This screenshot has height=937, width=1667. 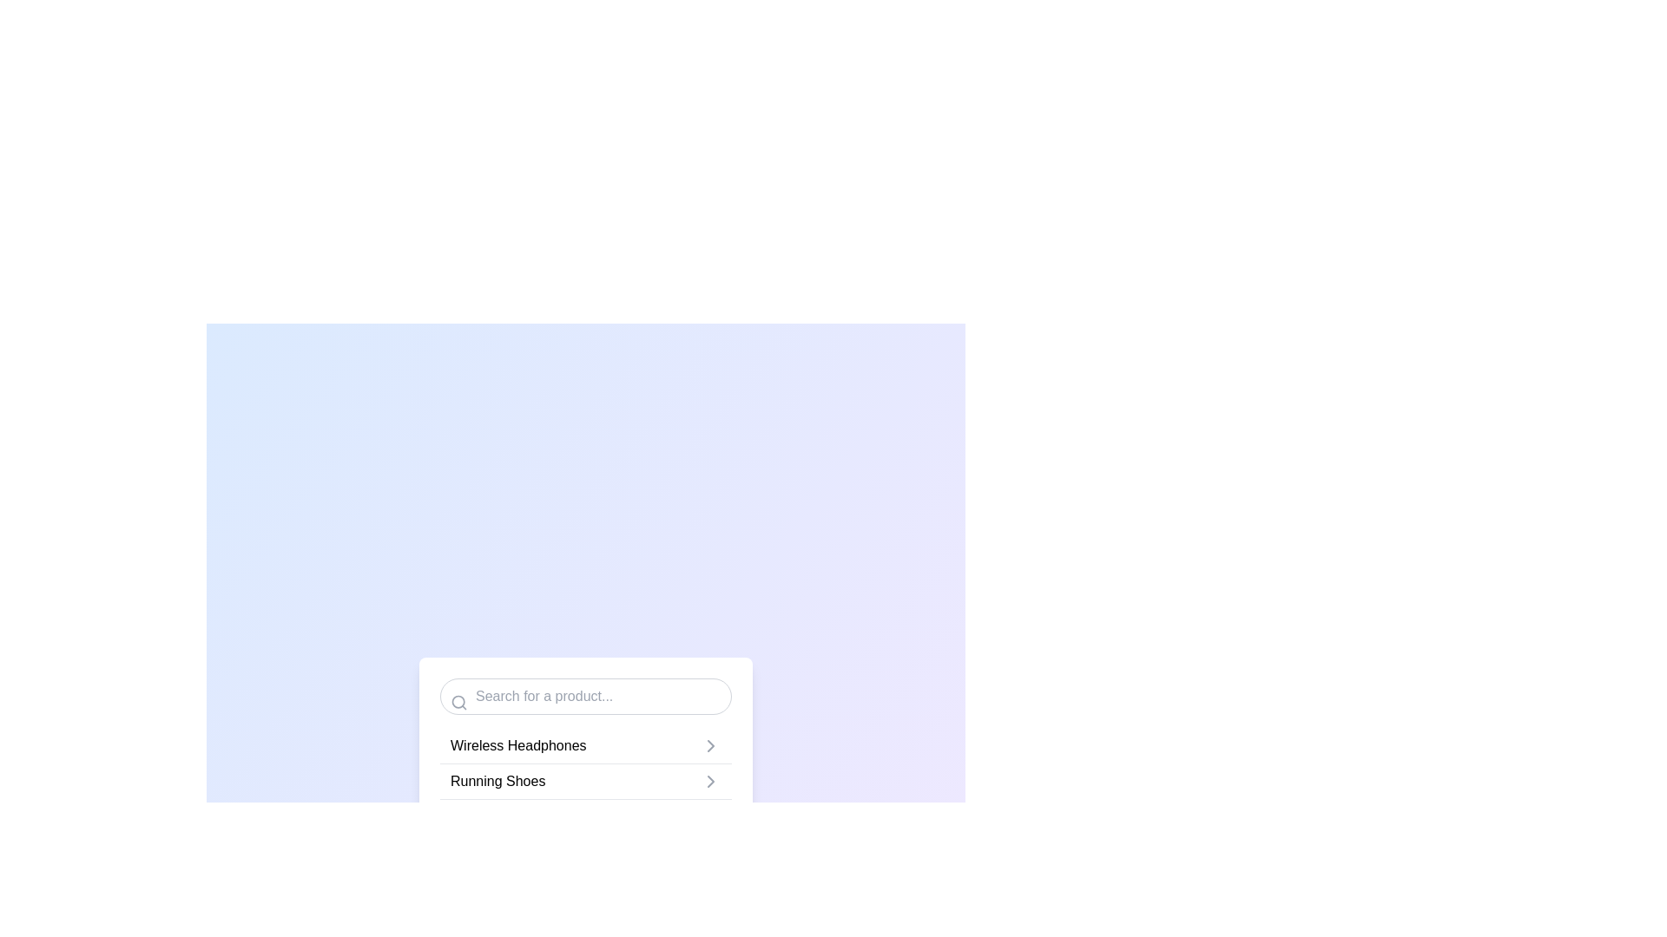 What do you see at coordinates (586, 792) in the screenshot?
I see `the second list item titled 'Running Shoes' within the white rounded rectangle` at bounding box center [586, 792].